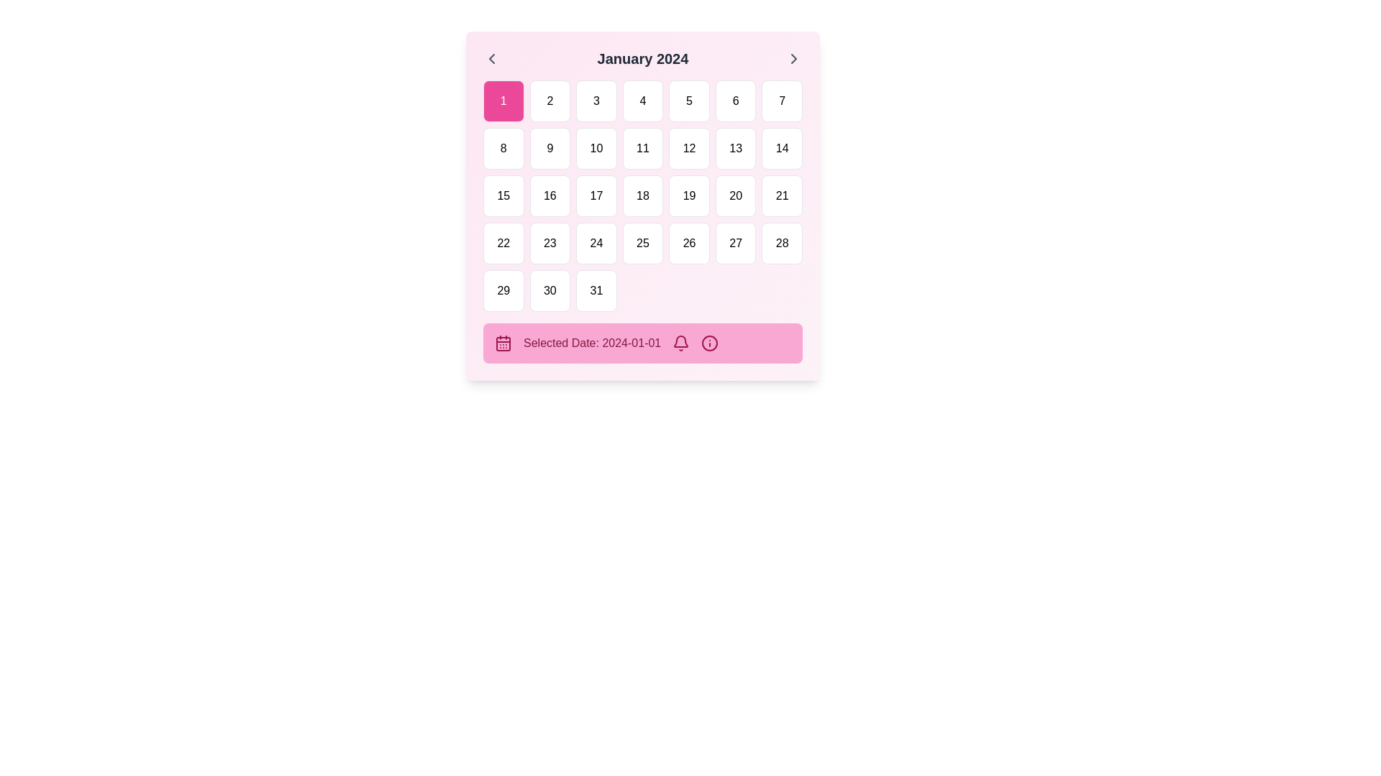 Image resolution: width=1381 pixels, height=776 pixels. I want to click on the calendar date cell displaying the number '29', which is styled as a rounded rectangle with a white background, black text, and a grey border, so click(503, 291).